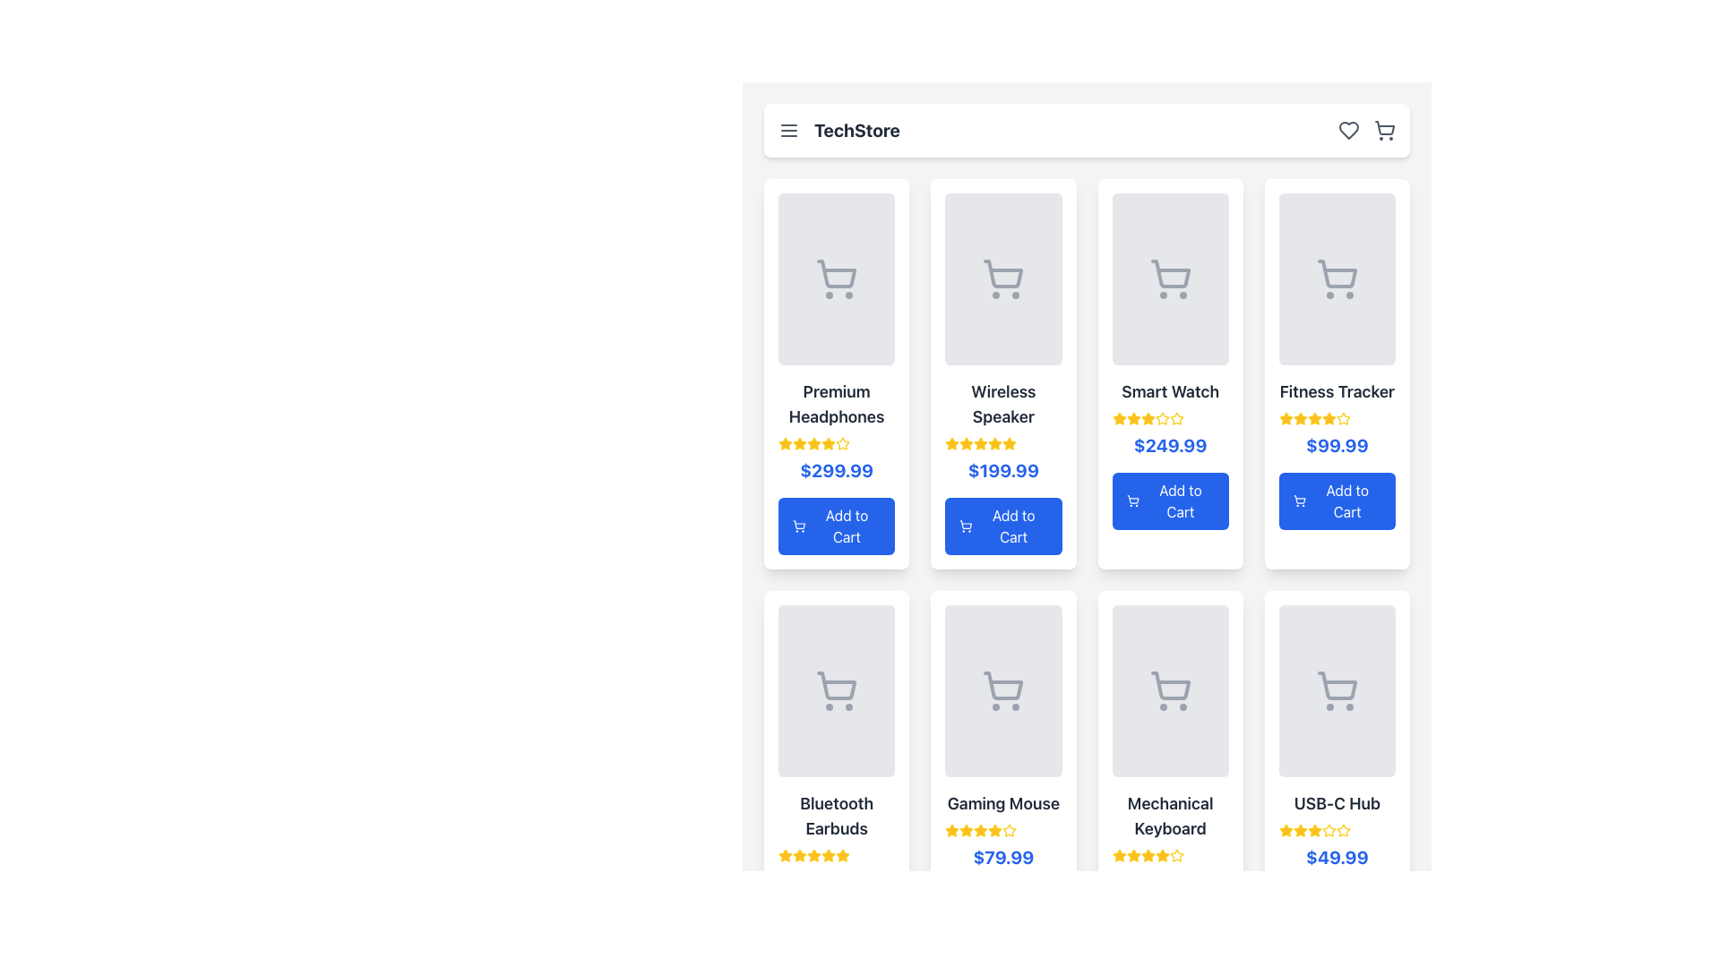 The height and width of the screenshot is (967, 1720). I want to click on text label that displays 'Bluetooth Earbuds', which is bold and dark against a white background, located in the third row and first column of the product grid, so click(836, 816).